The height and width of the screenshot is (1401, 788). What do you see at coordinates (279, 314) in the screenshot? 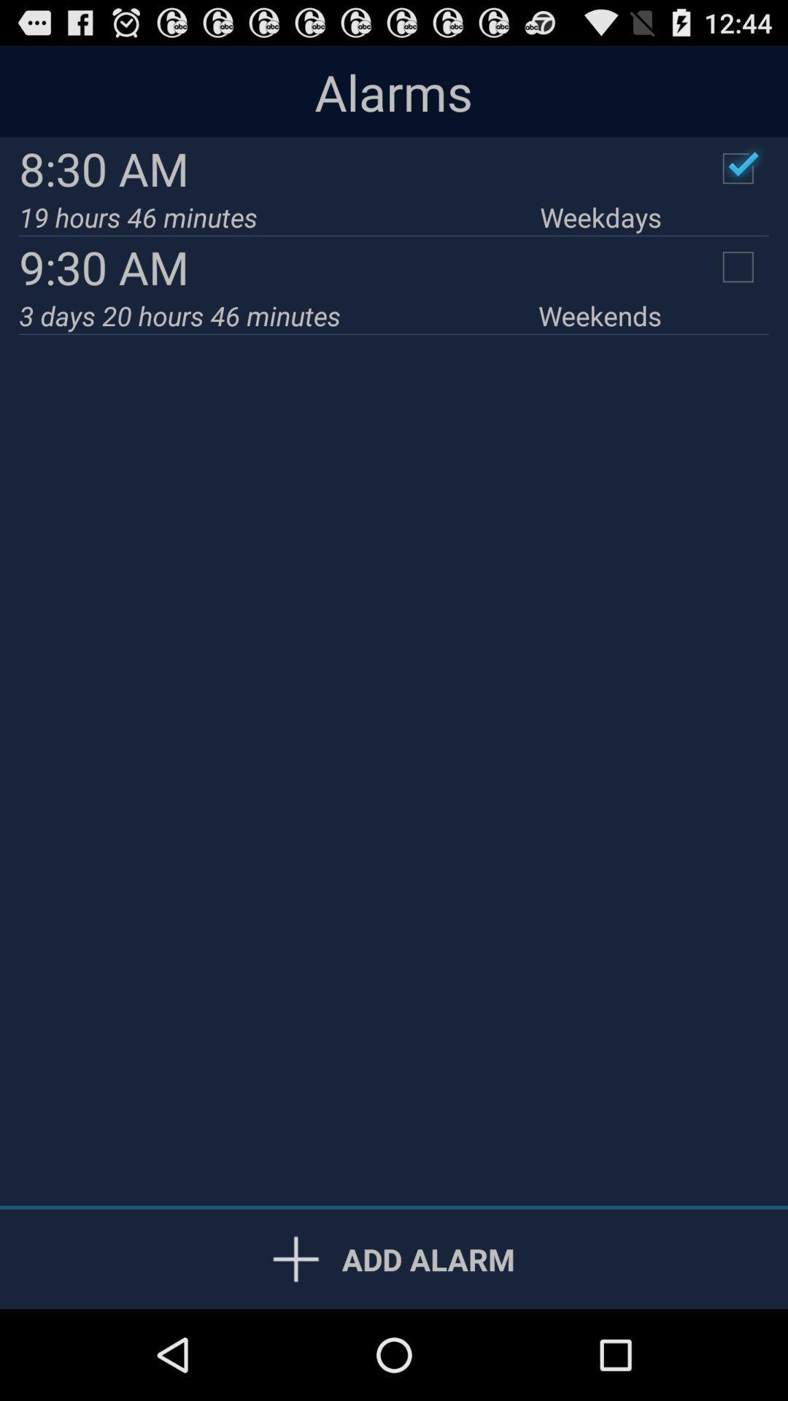
I see `the 3 days 20 app` at bounding box center [279, 314].